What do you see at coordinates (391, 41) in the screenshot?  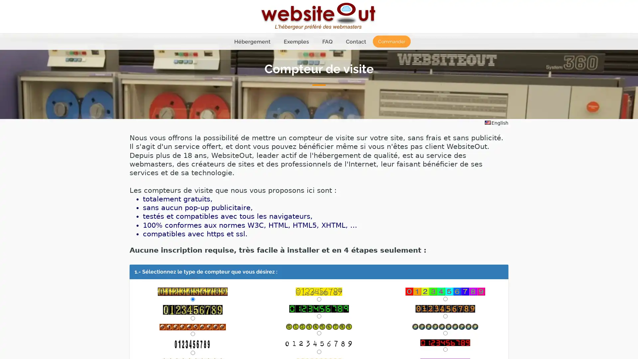 I see `Commander` at bounding box center [391, 41].